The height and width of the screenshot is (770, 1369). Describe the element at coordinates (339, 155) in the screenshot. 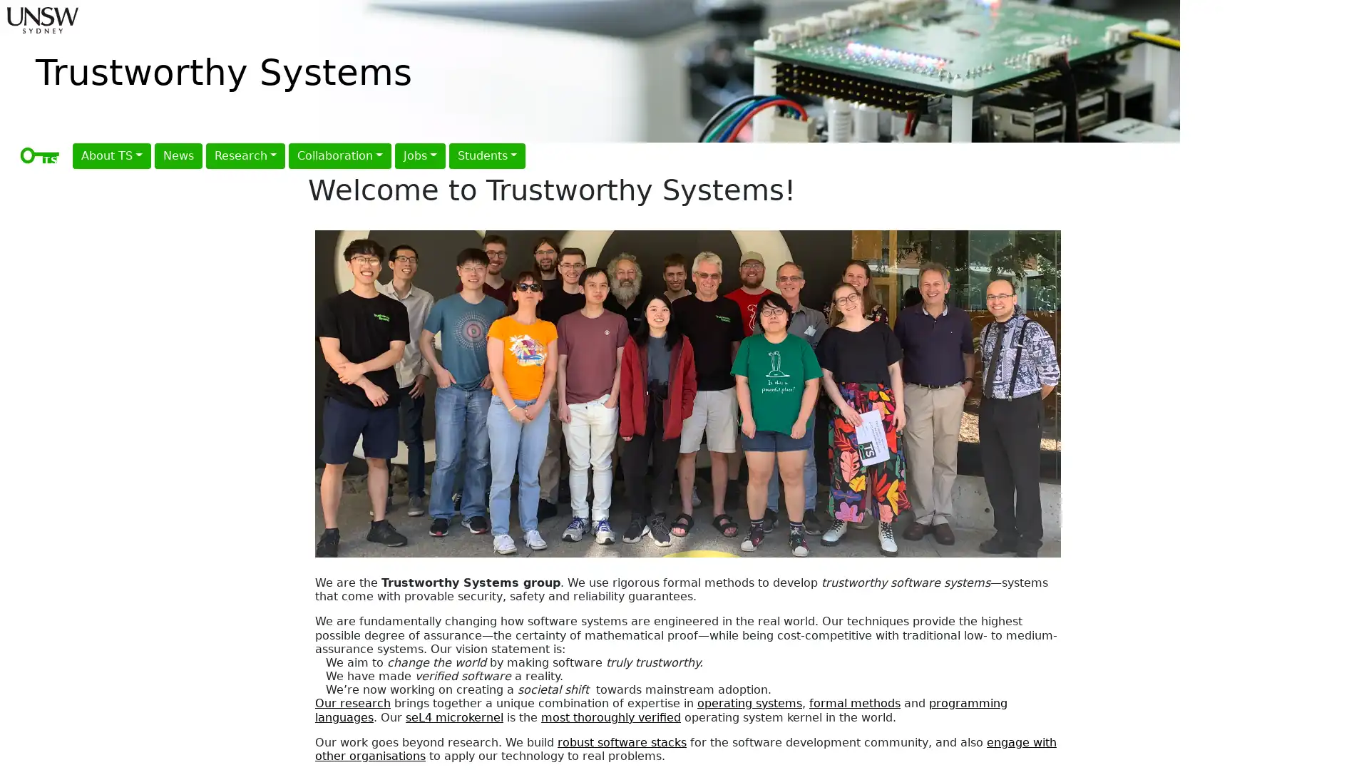

I see `Collaboration` at that location.